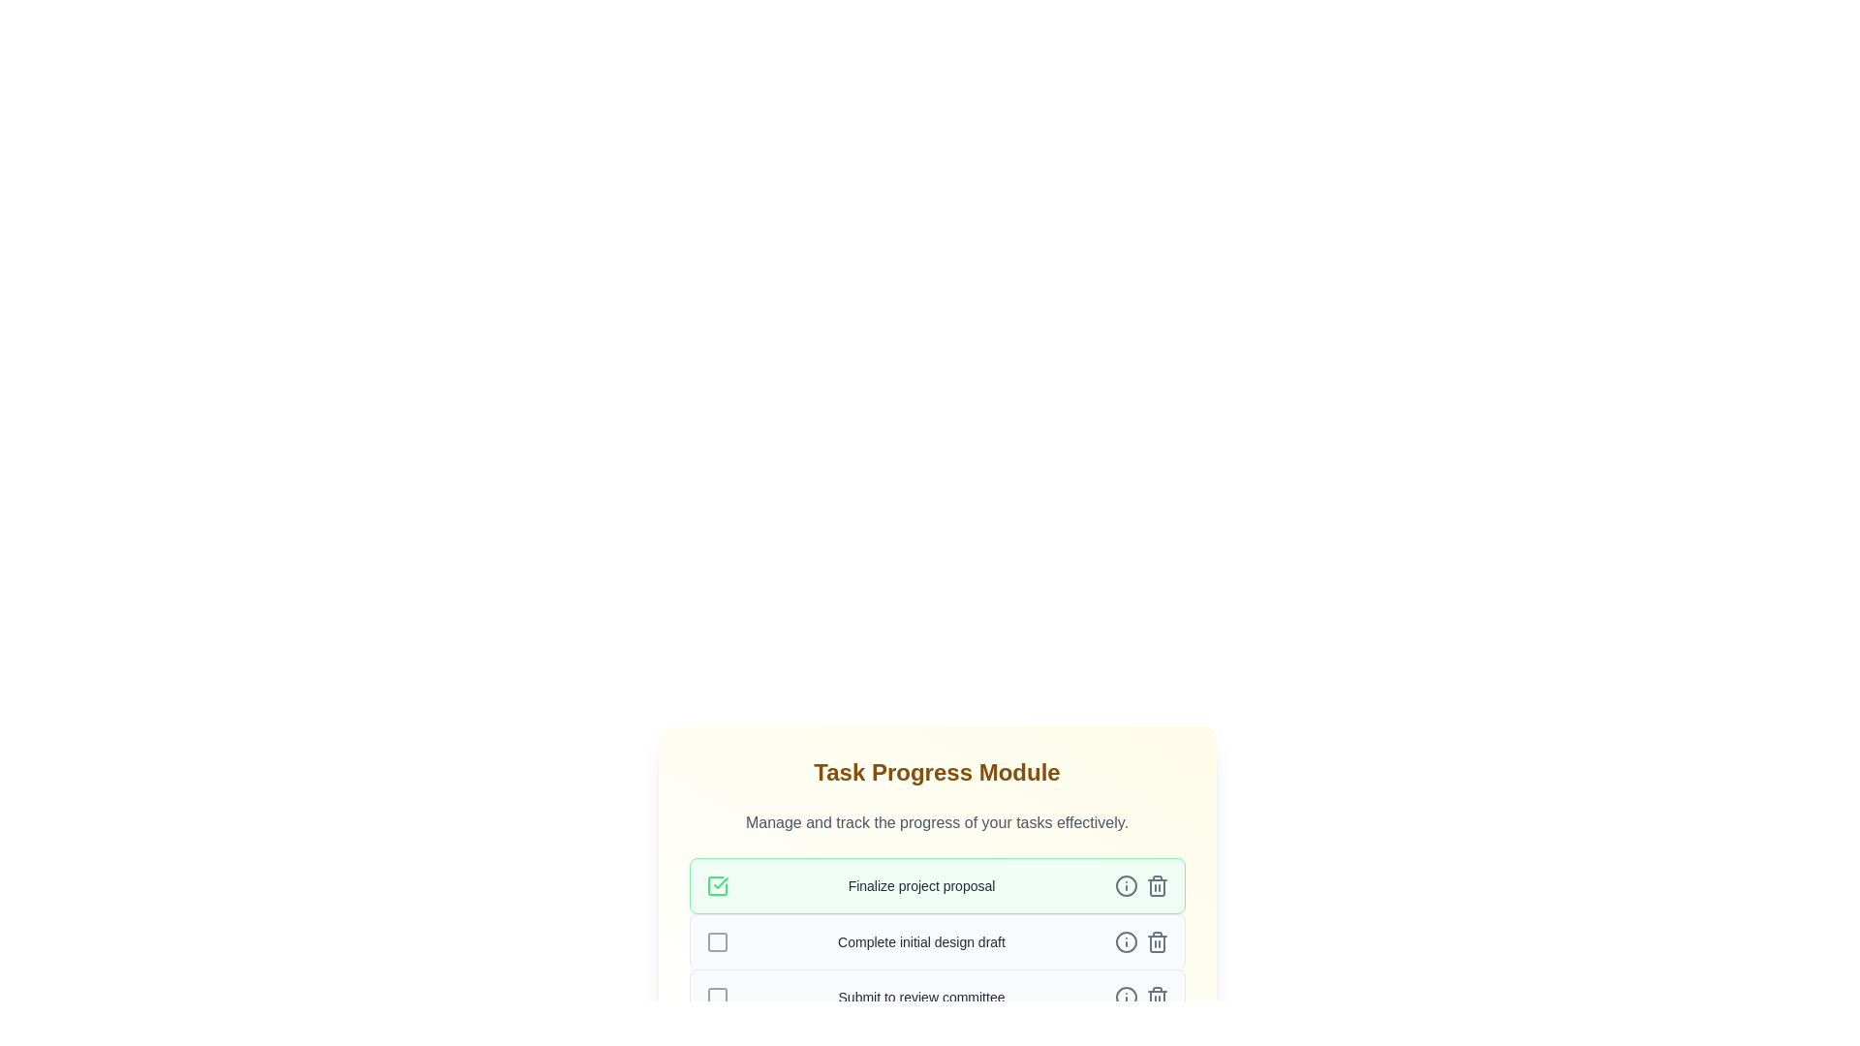 This screenshot has height=1046, width=1860. What do you see at coordinates (1126, 940) in the screenshot?
I see `the information/help icon located in the second row of the list item` at bounding box center [1126, 940].